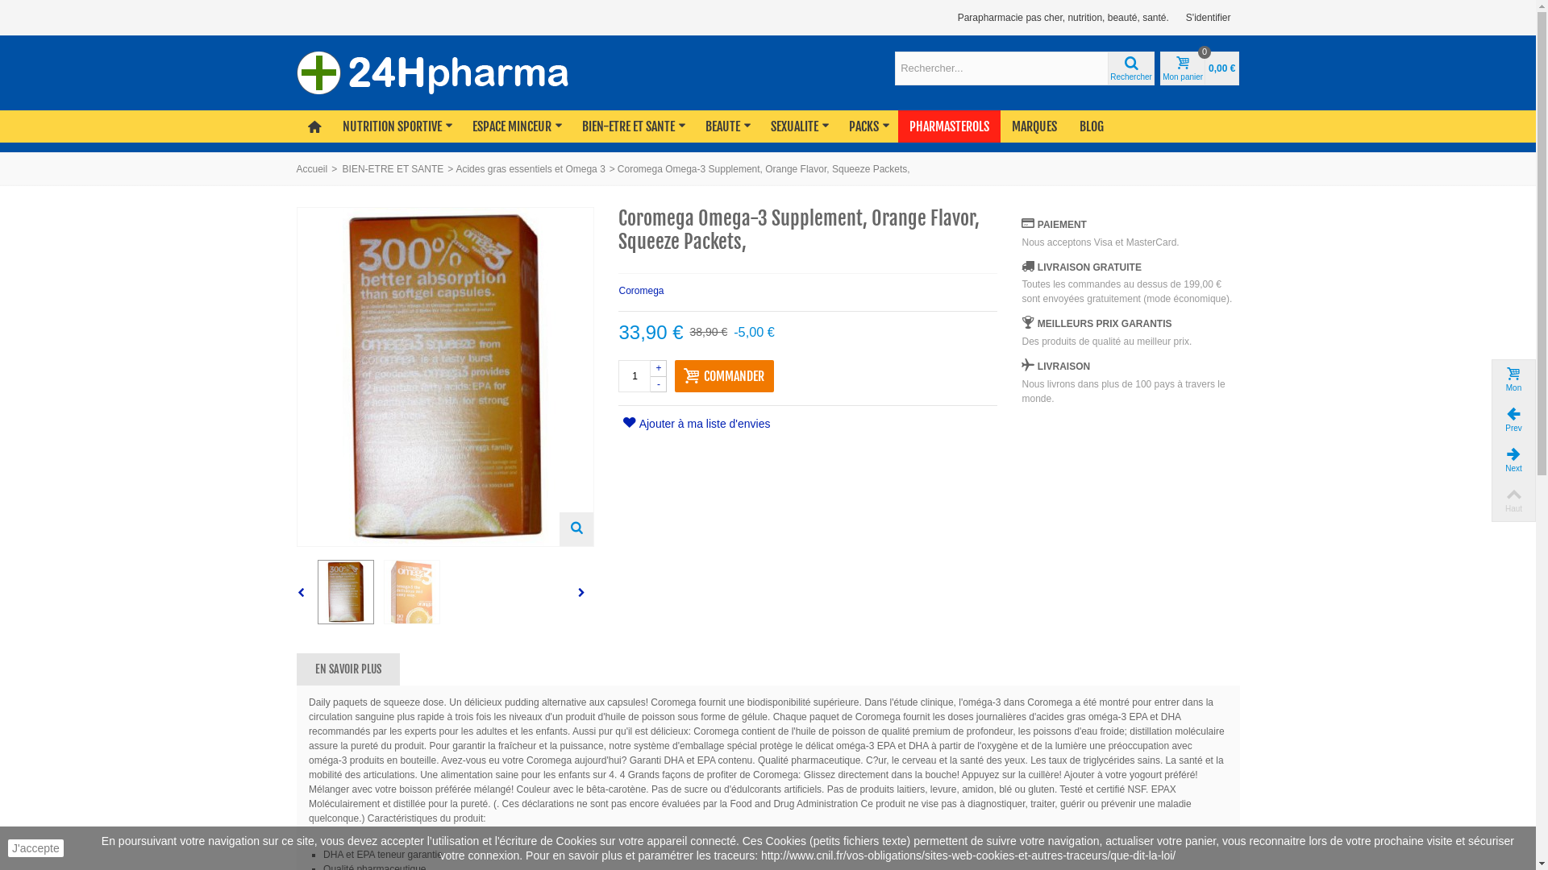 The image size is (1548, 870). What do you see at coordinates (658, 384) in the screenshot?
I see `'-'` at bounding box center [658, 384].